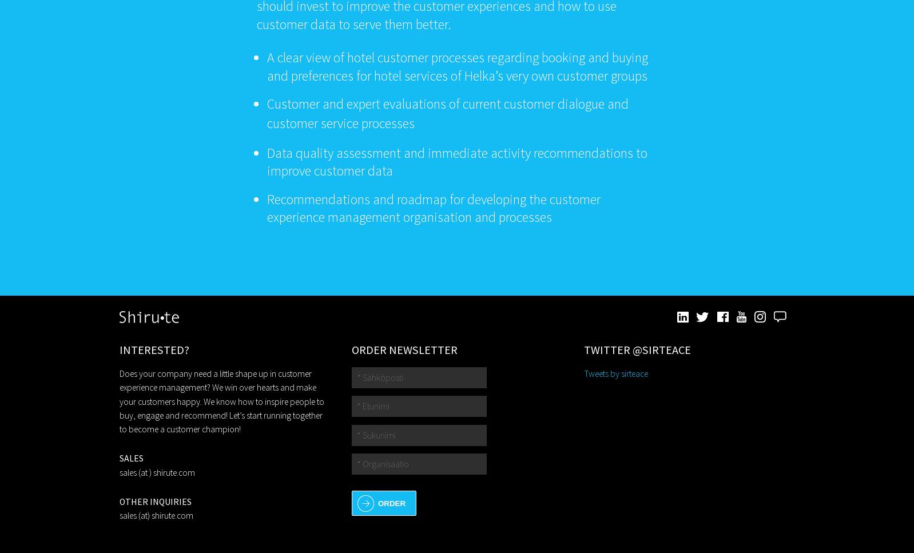 This screenshot has height=553, width=914. What do you see at coordinates (154, 501) in the screenshot?
I see `'OTHER INQUIRIES'` at bounding box center [154, 501].